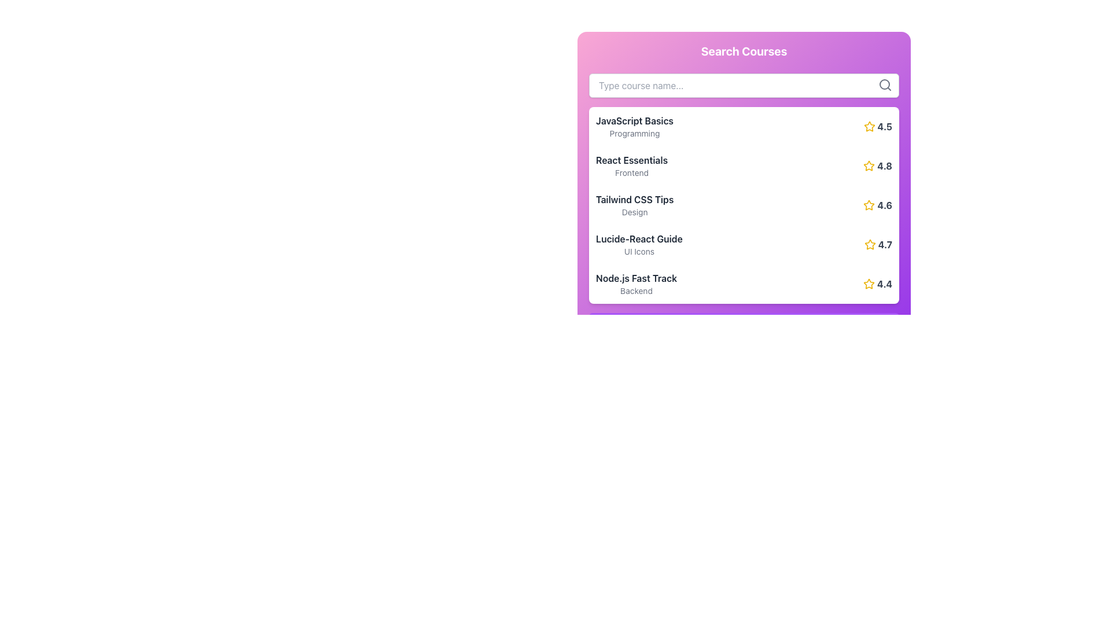 This screenshot has width=1111, height=625. Describe the element at coordinates (638, 238) in the screenshot. I see `the semibold text label 'Lucide-React Guide'` at that location.